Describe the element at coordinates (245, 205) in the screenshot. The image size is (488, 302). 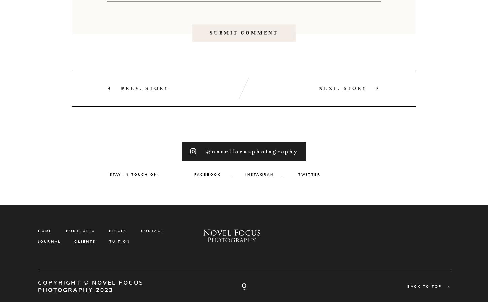
I see `'INSTAGRAM'` at that location.